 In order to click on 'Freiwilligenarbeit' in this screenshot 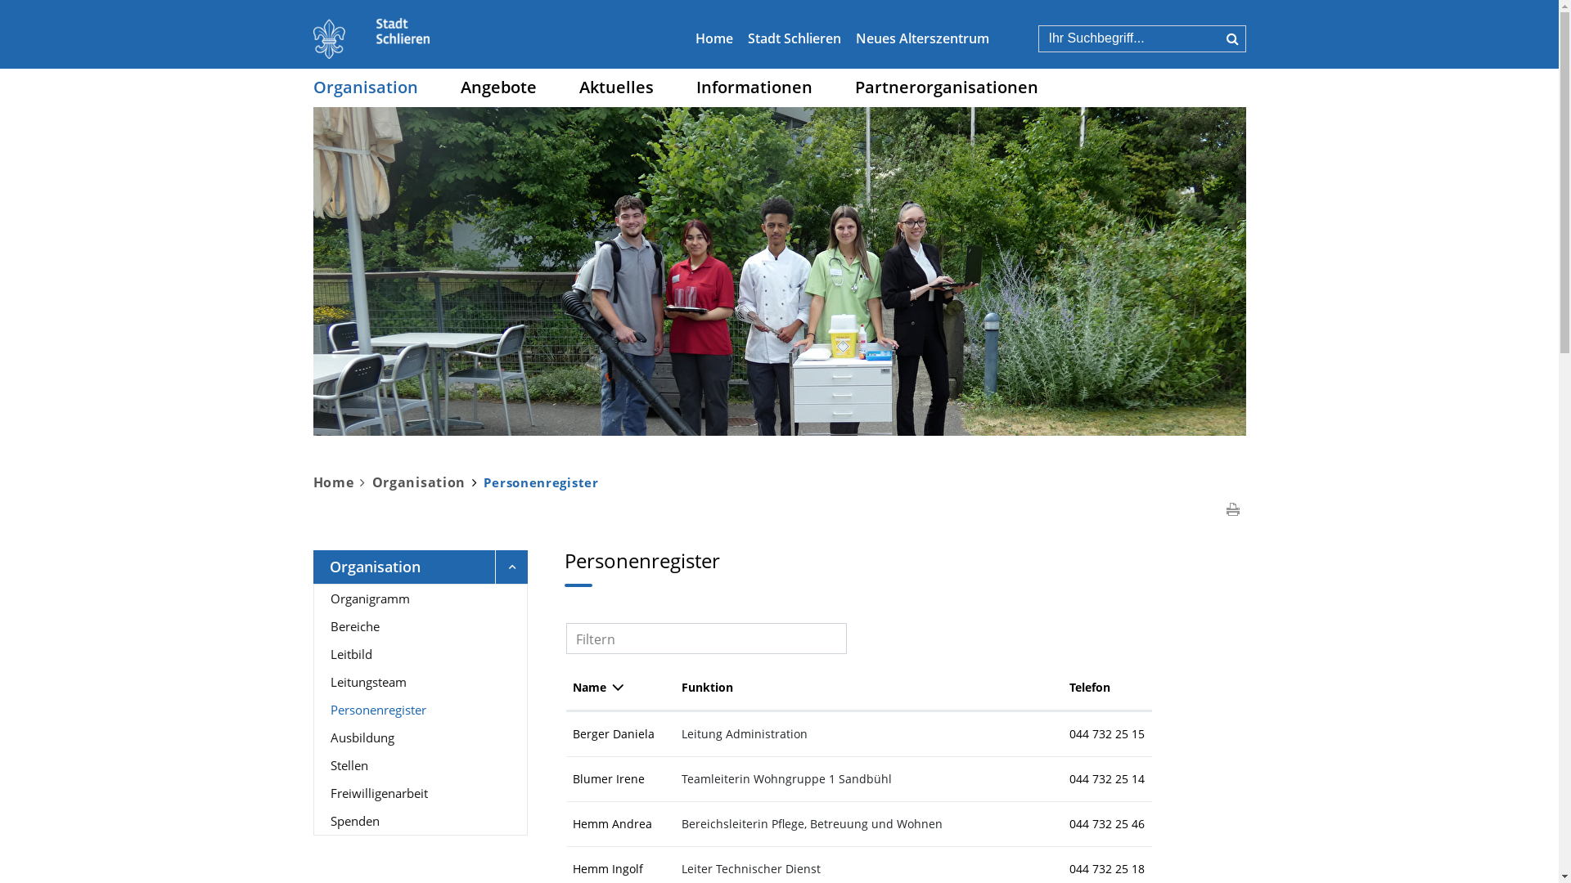, I will do `click(421, 791)`.